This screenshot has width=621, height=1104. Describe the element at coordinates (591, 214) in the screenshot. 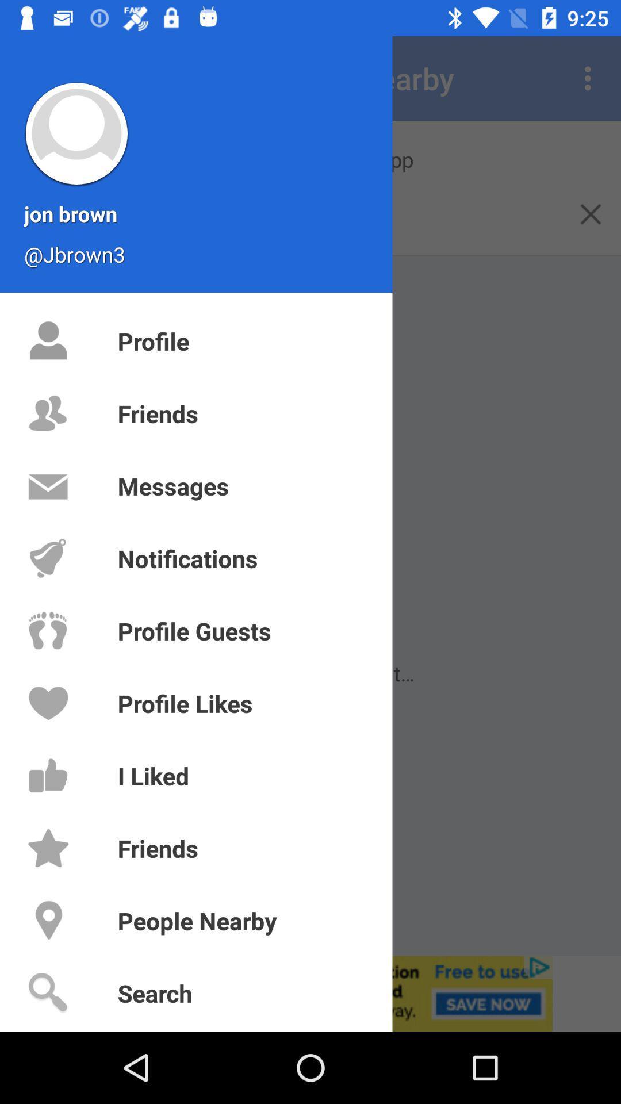

I see `the close icon` at that location.